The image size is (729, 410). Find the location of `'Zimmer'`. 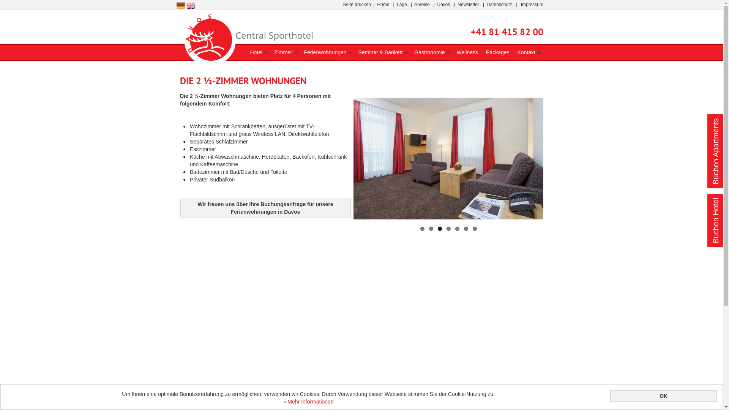

'Zimmer' is located at coordinates (282, 52).